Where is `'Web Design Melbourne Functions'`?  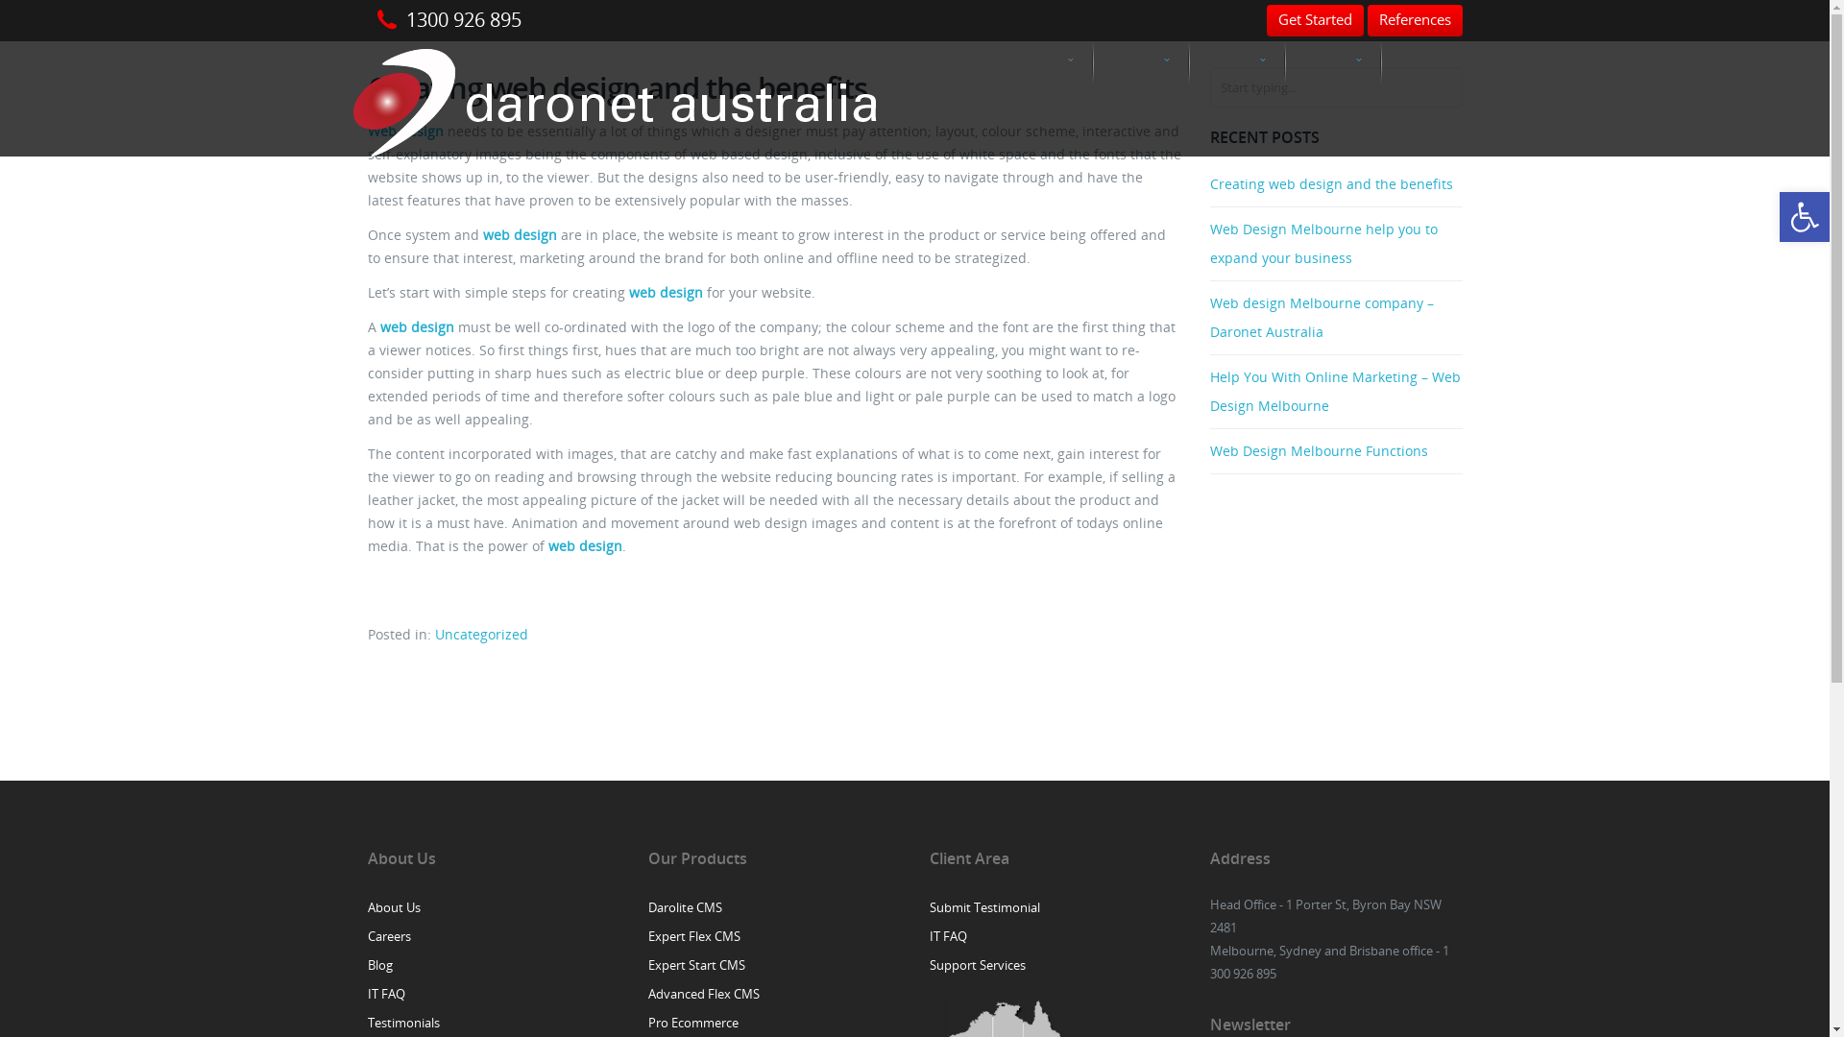 'Web Design Melbourne Functions' is located at coordinates (1335, 451).